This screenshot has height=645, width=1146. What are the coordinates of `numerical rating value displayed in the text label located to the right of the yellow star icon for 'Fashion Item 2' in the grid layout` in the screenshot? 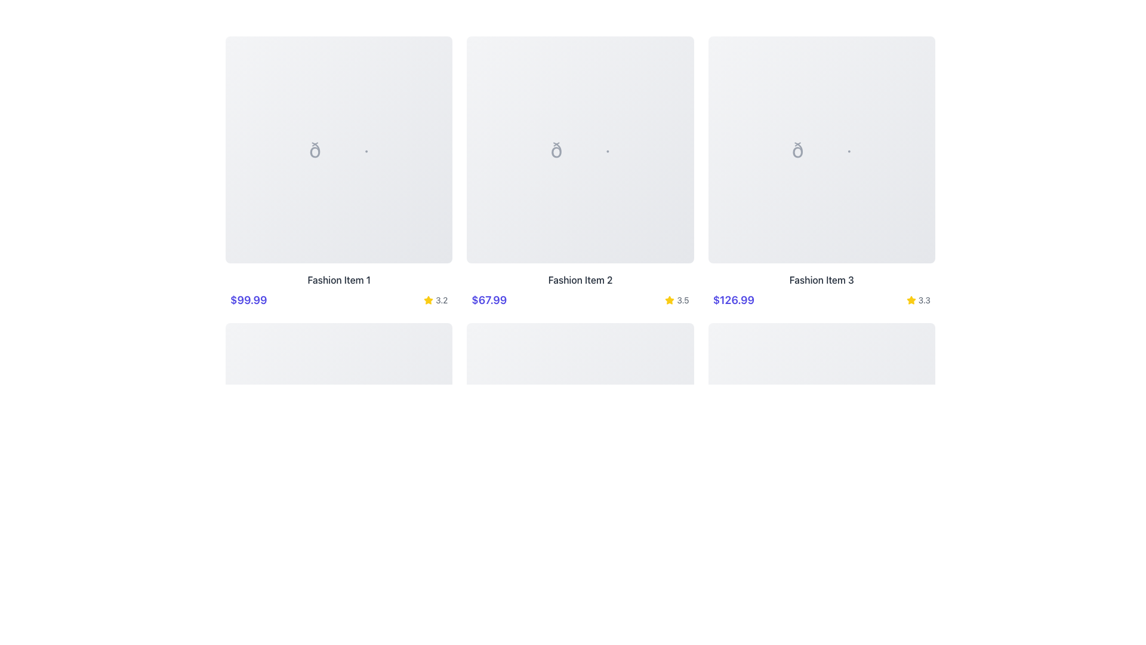 It's located at (683, 300).